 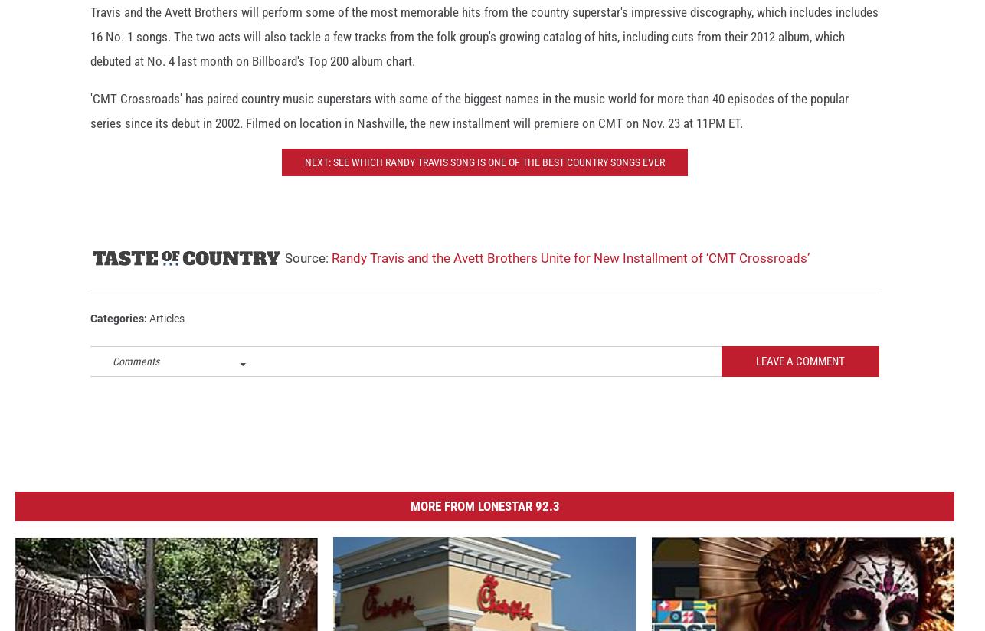 What do you see at coordinates (483, 175) in the screenshot?
I see `'Next: See Which Randy Travis Song Is one of the Best Country Songs Ever'` at bounding box center [483, 175].